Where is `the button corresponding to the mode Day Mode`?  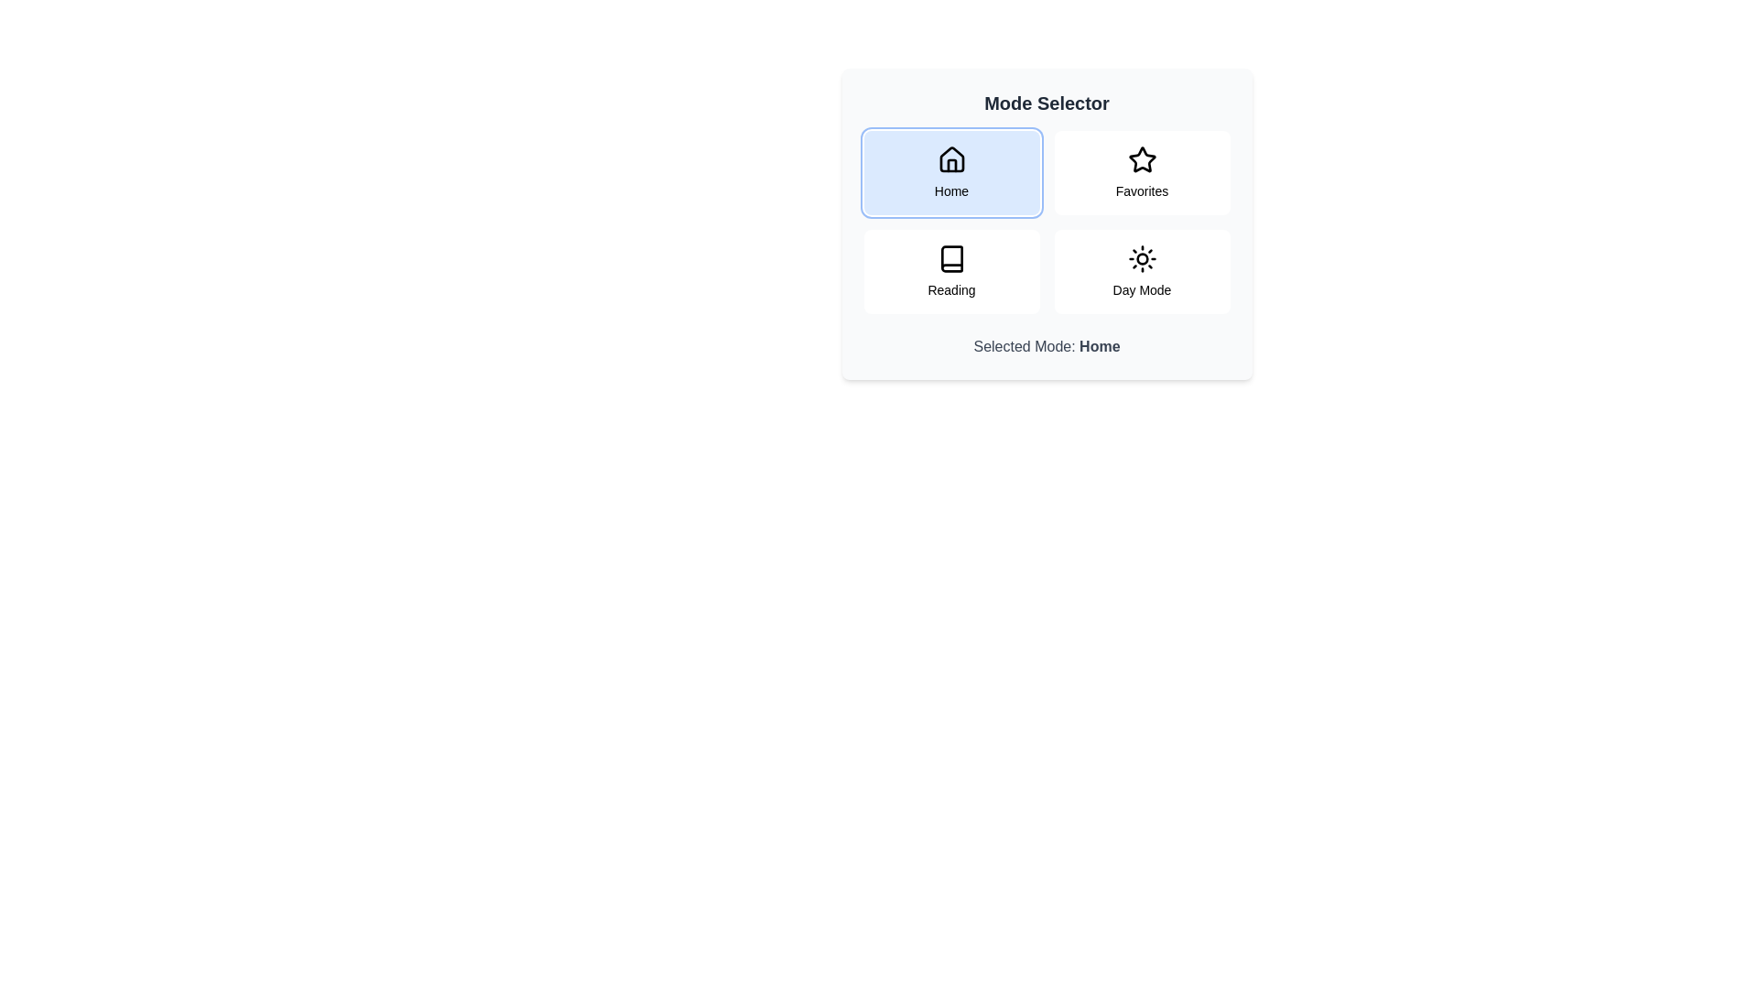 the button corresponding to the mode Day Mode is located at coordinates (1141, 272).